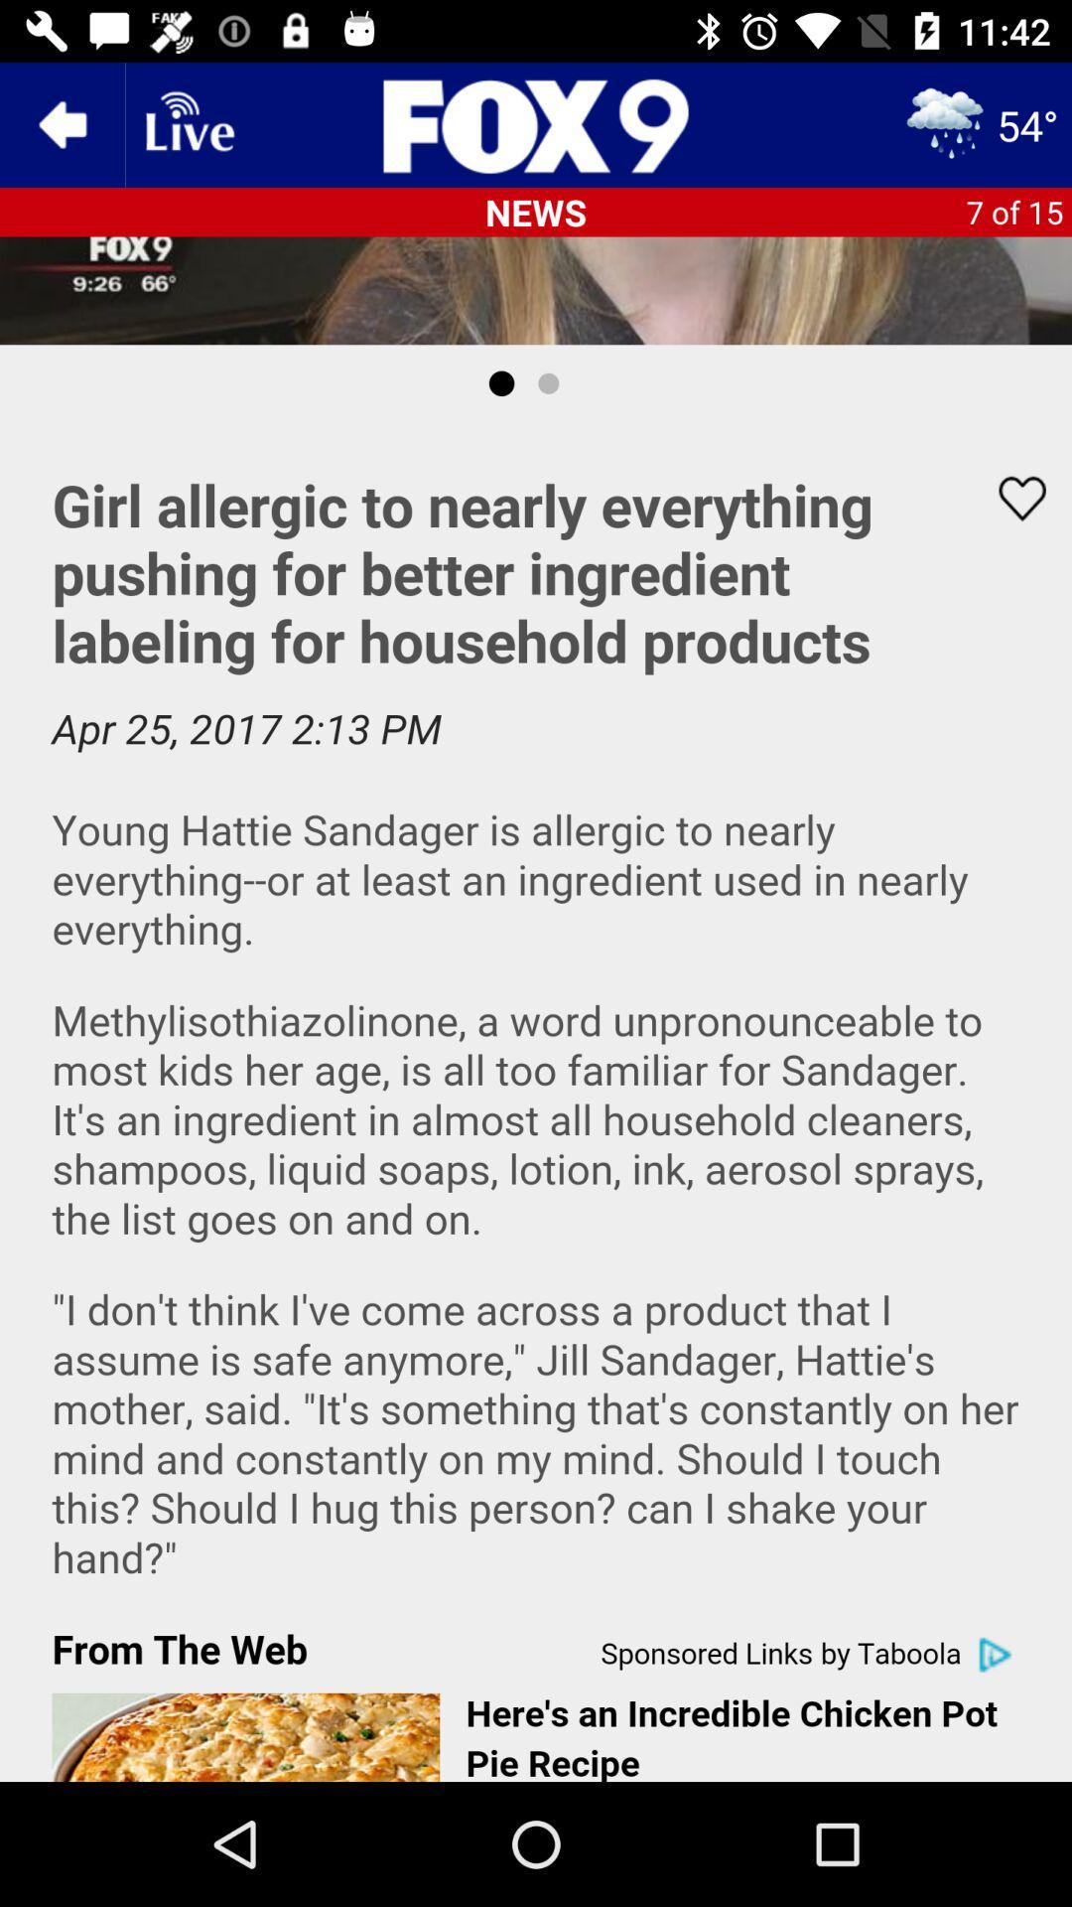 Image resolution: width=1072 pixels, height=1907 pixels. Describe the element at coordinates (536, 123) in the screenshot. I see `fox` at that location.